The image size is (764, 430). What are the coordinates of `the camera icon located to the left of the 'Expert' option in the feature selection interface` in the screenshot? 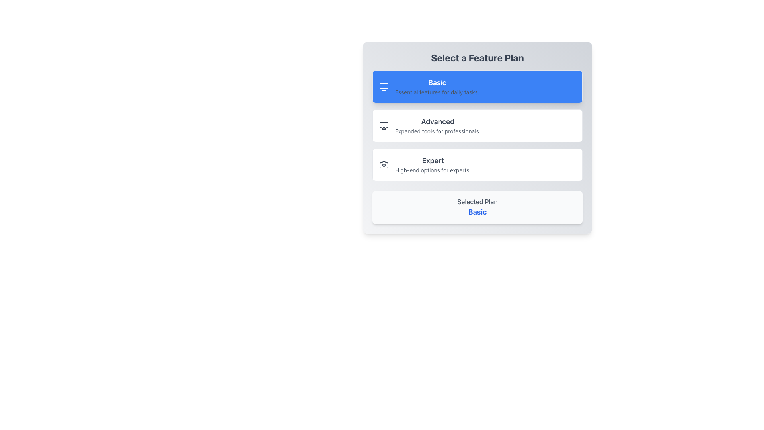 It's located at (384, 164).